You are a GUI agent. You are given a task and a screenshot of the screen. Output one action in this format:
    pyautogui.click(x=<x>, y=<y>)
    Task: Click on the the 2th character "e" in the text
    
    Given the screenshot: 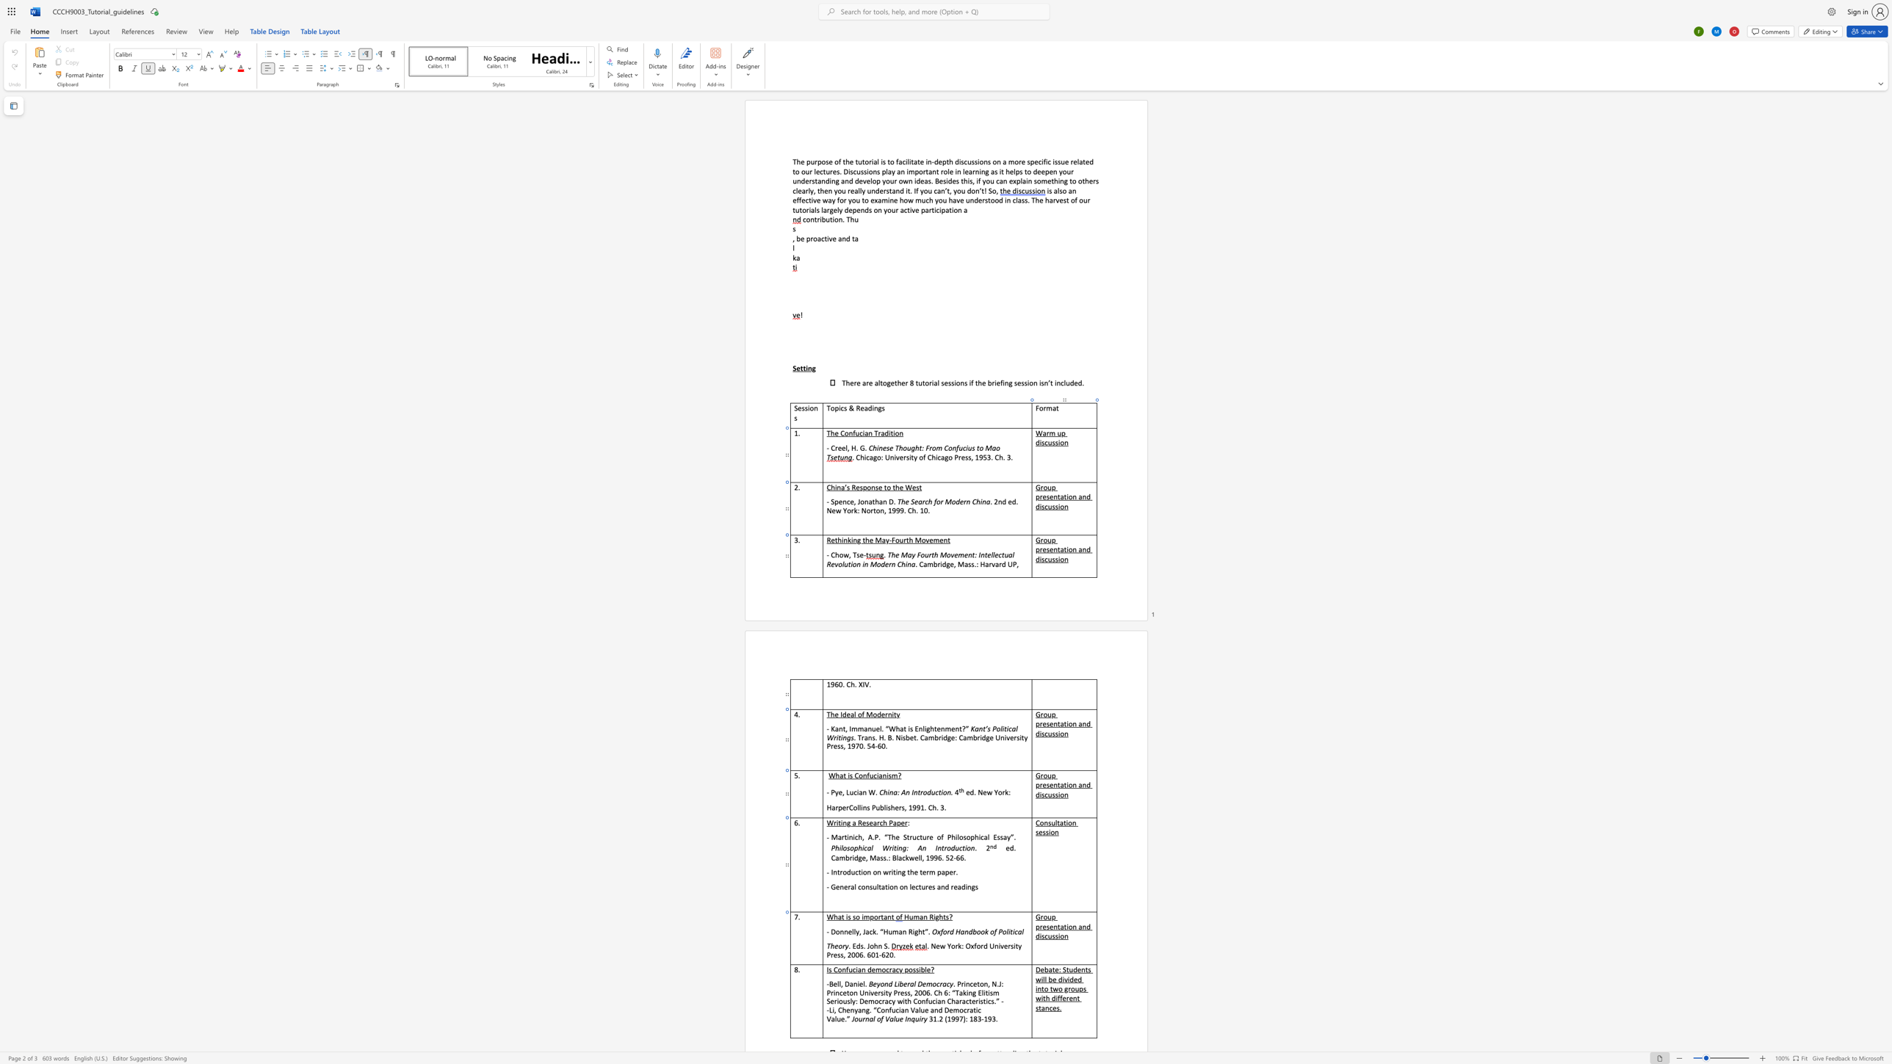 What is the action you would take?
    pyautogui.click(x=931, y=836)
    